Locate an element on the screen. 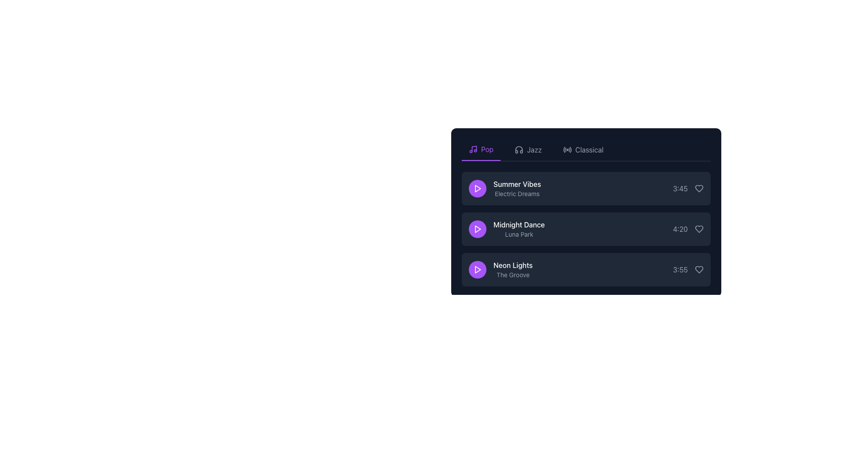 The height and width of the screenshot is (476, 846). the graphical representation icon associated with the 'Pop' category, located in the top-left corner of the 'Pop' tab, adjacent to the text 'Pop' is located at coordinates (473, 149).